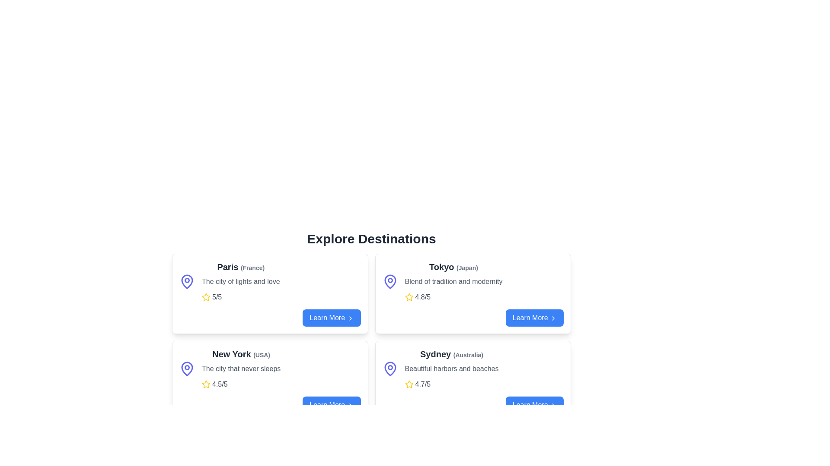  I want to click on the Text display block that provides details about Tokyo, located in the right column of the top row of the grid layout, below 'Explore Destinations', so click(453, 281).